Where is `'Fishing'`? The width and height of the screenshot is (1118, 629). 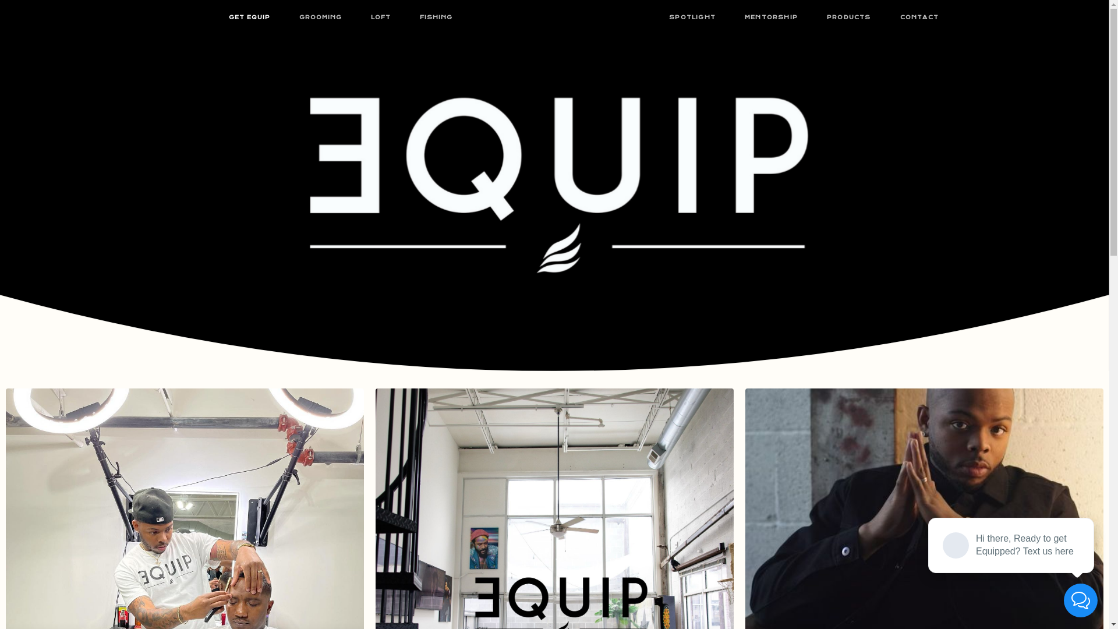 'Fishing' is located at coordinates (542, 386).